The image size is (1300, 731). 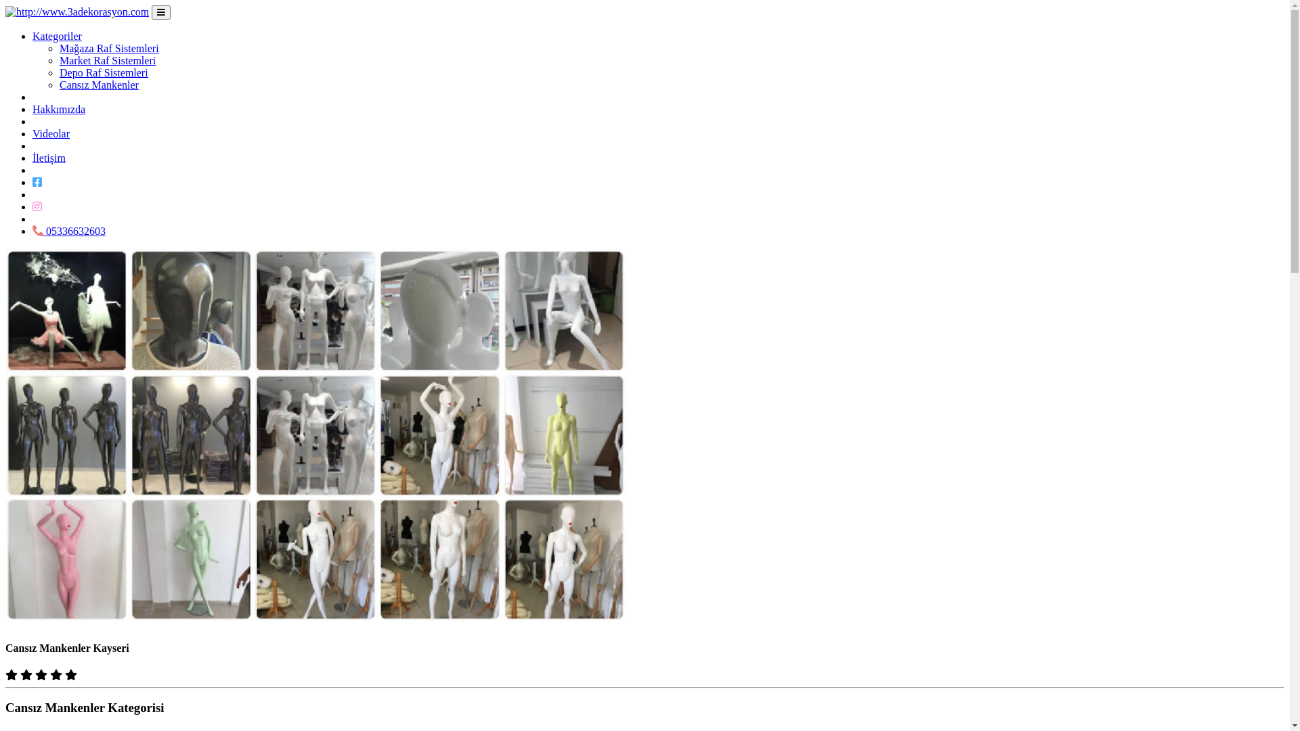 I want to click on 'cansiz-mankenler-kayseri', so click(x=315, y=437).